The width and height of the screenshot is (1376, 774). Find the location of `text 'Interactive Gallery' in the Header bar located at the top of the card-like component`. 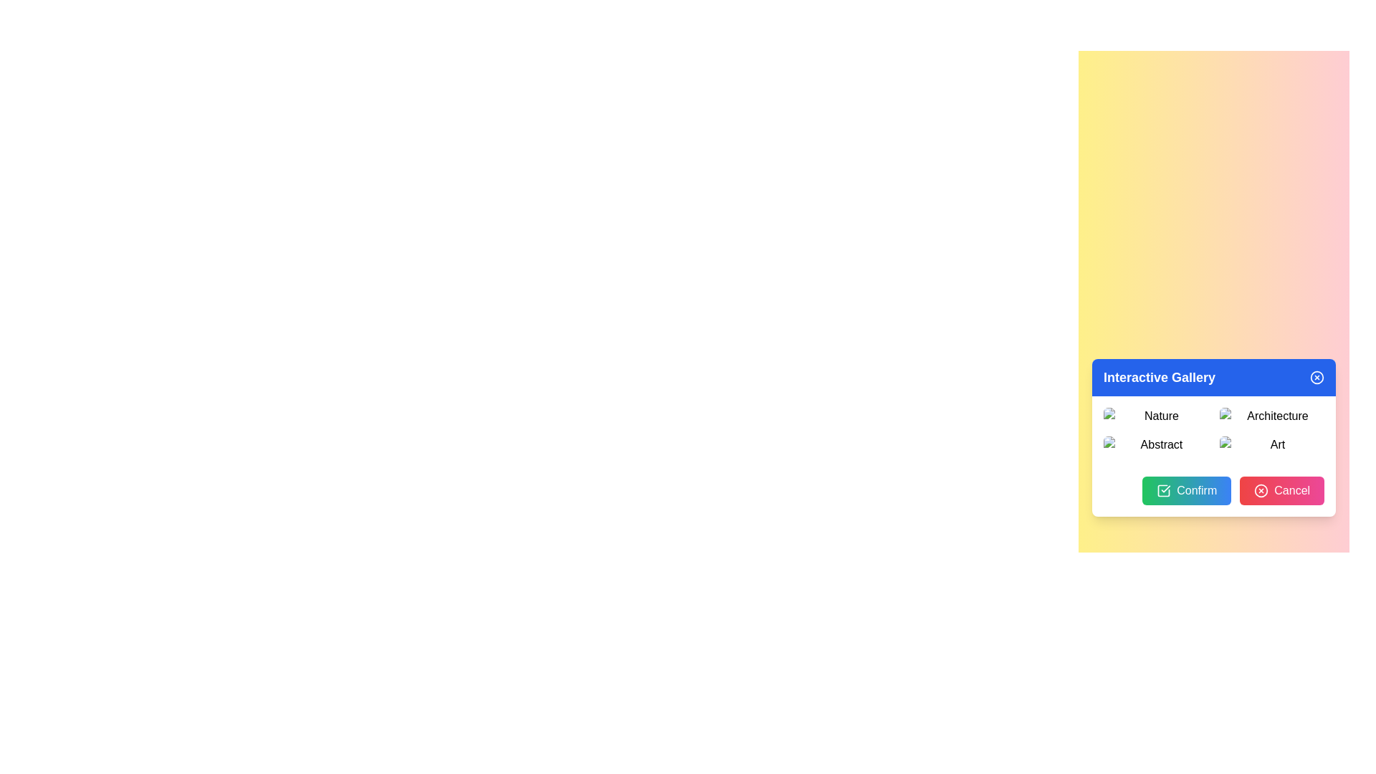

text 'Interactive Gallery' in the Header bar located at the top of the card-like component is located at coordinates (1213, 377).